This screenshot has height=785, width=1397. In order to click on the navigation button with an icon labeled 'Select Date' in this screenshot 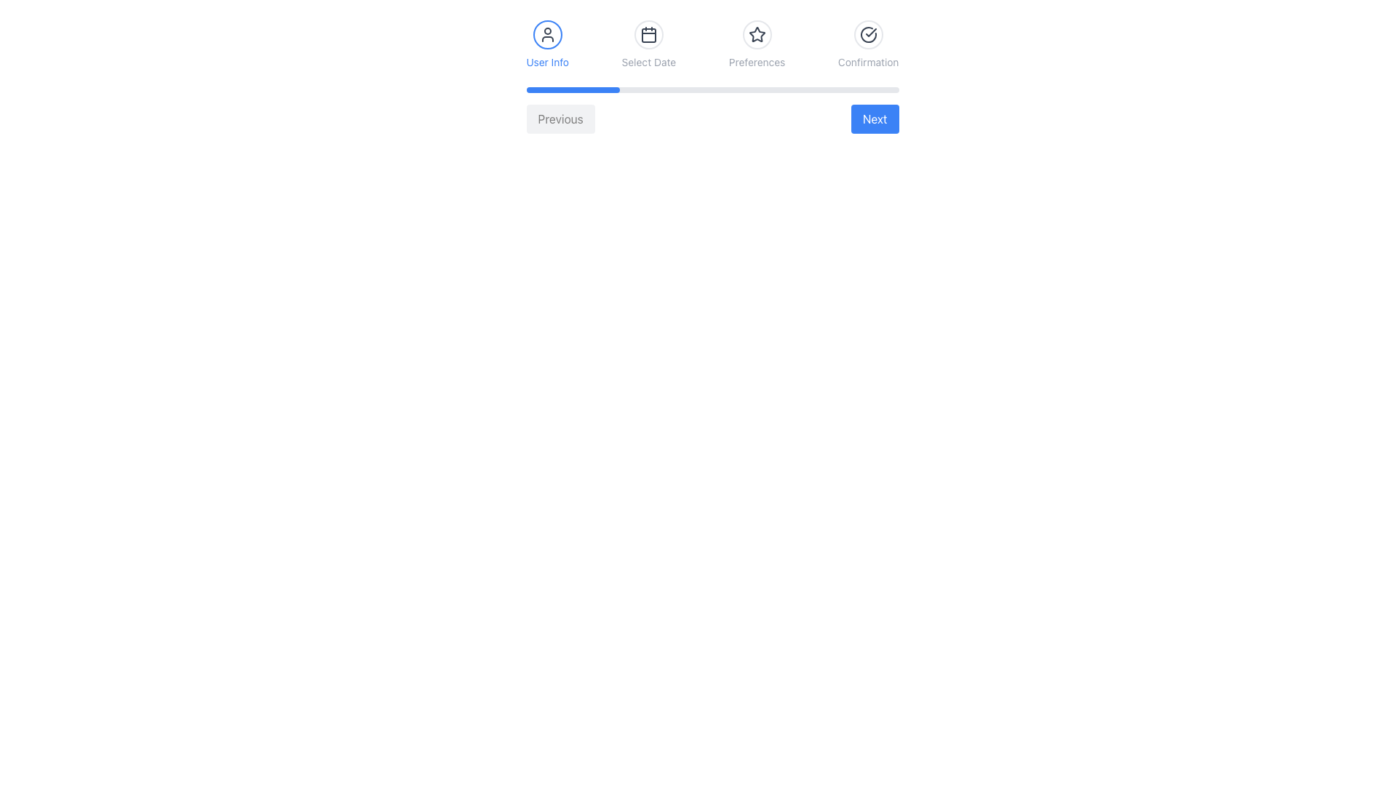, I will do `click(648, 33)`.